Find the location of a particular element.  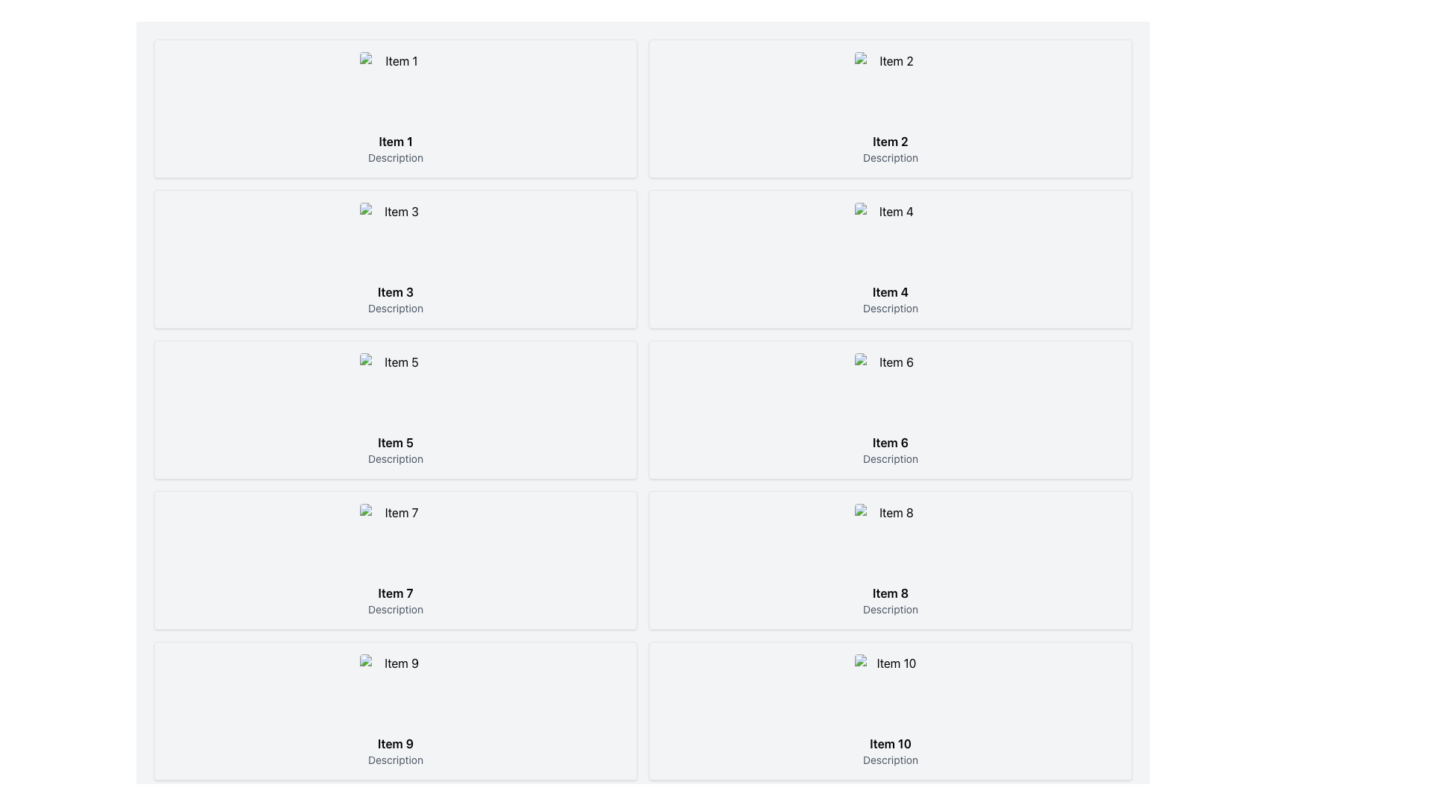

the text label that displays 'Item 7', which is bold and high-contrast, located in a grid layout below an image and above the description text is located at coordinates (396, 592).